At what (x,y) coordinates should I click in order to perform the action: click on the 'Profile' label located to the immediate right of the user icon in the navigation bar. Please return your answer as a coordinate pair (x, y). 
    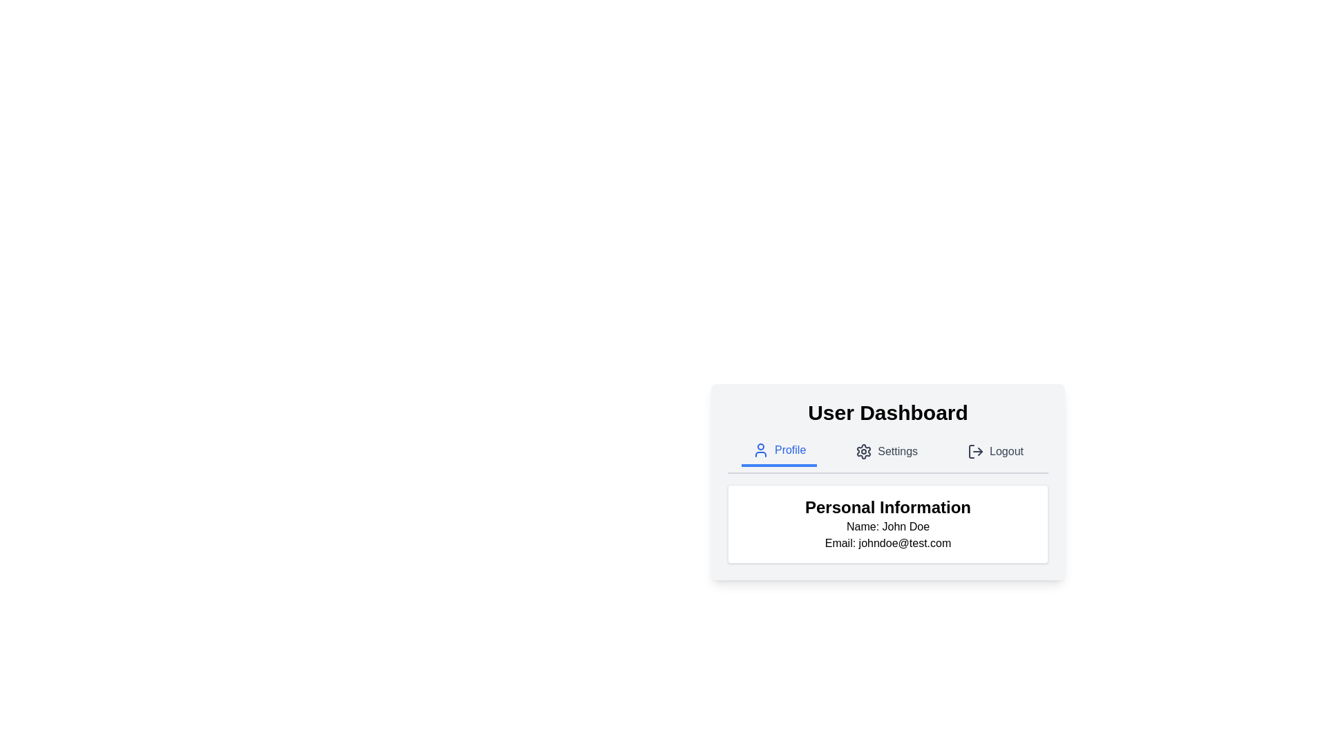
    Looking at the image, I should click on (790, 450).